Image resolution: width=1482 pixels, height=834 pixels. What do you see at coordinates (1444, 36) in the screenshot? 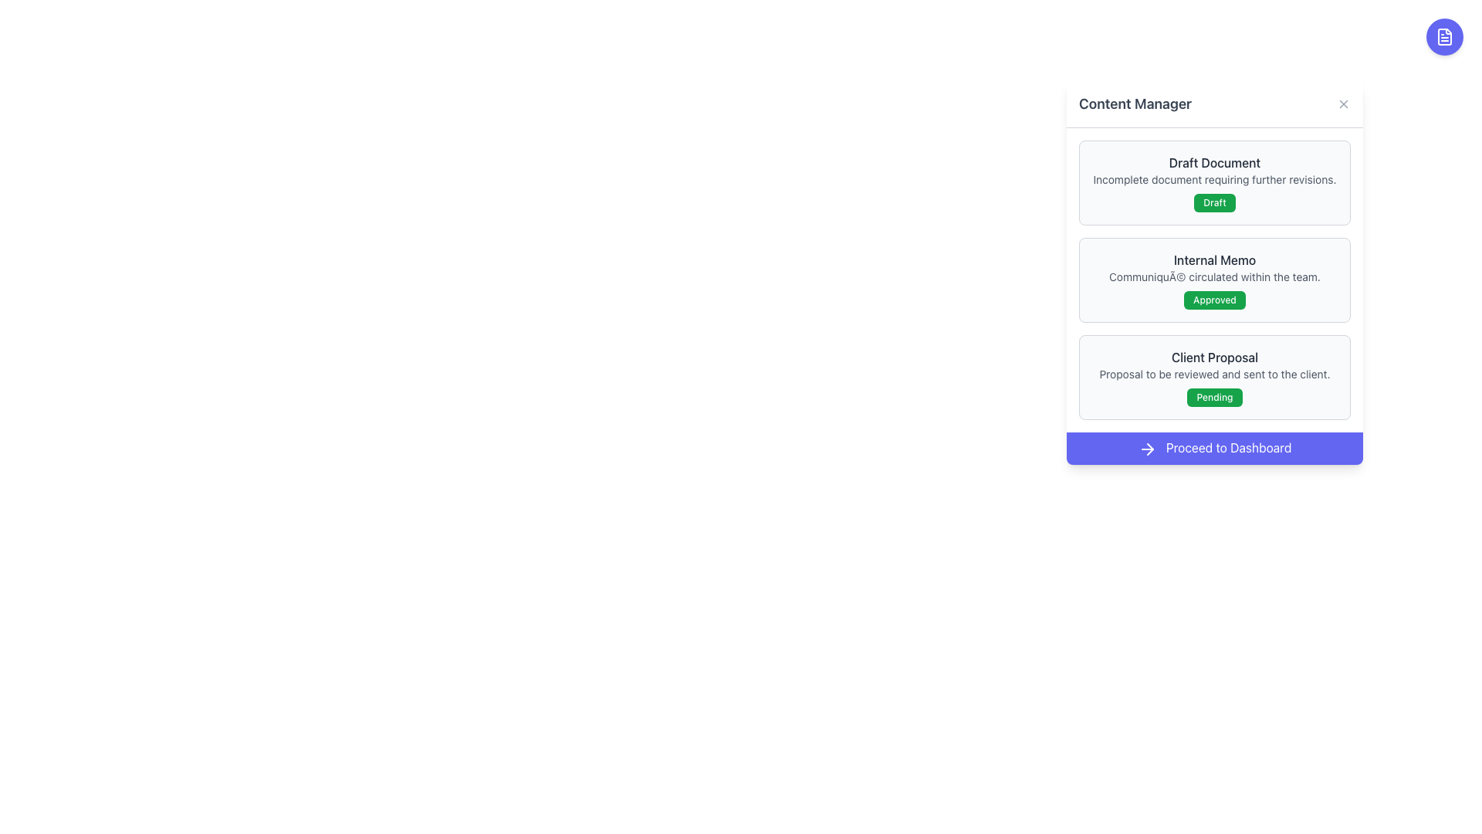
I see `the document or file icon located in the top-right corner of the interface, which is part of a circular button with a purple background and white iconography` at bounding box center [1444, 36].